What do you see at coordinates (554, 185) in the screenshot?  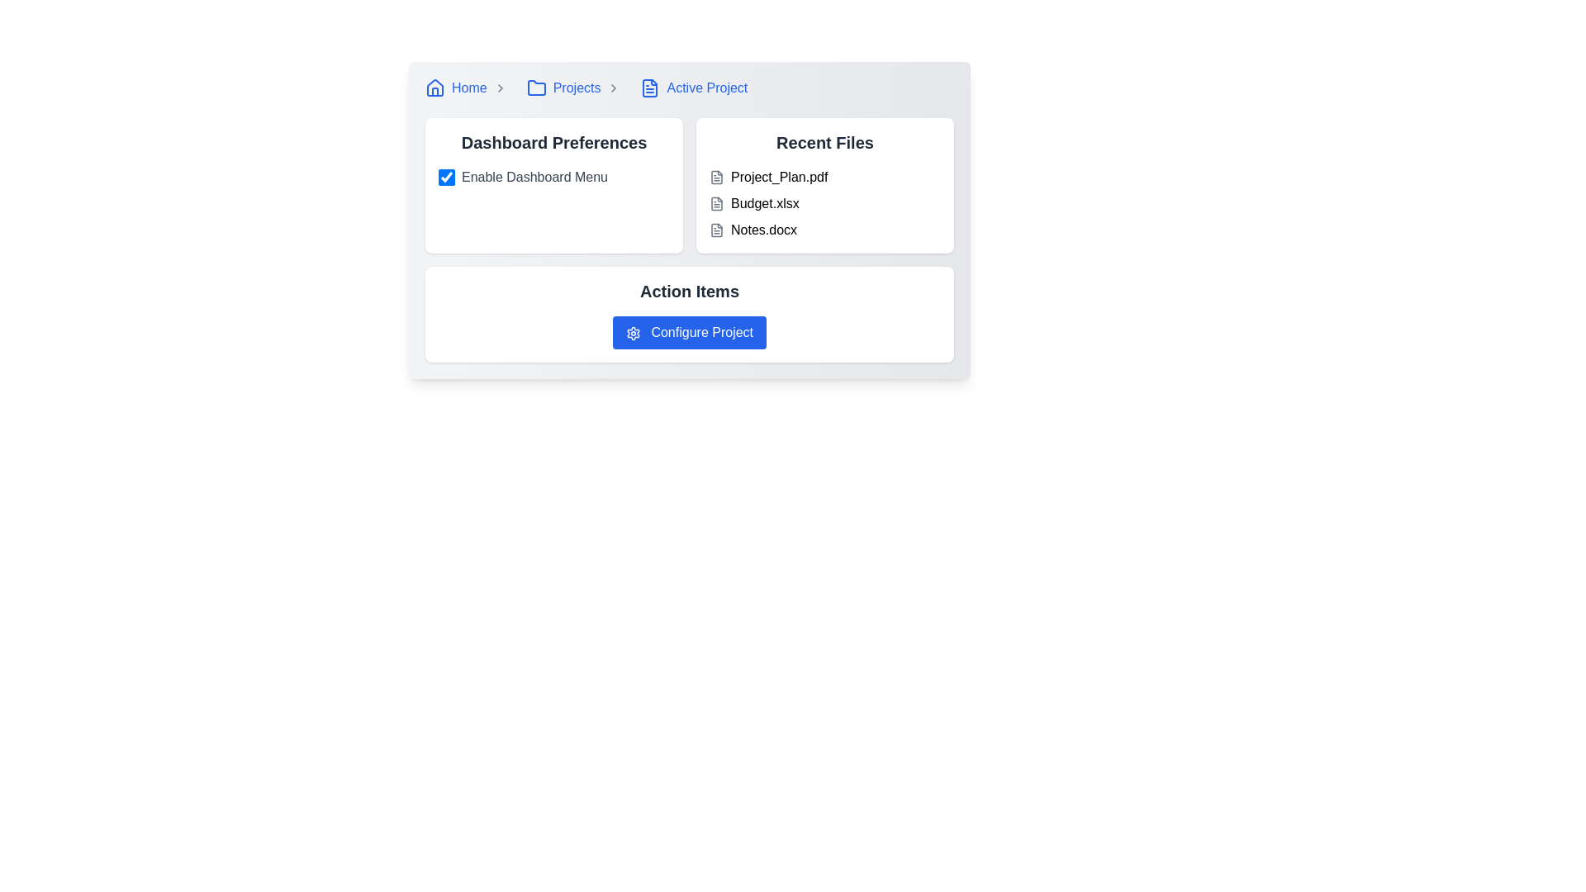 I see `the section header for user preferences related to the dashboard, which contains a checkbox option to enable or disable a specific feature` at bounding box center [554, 185].